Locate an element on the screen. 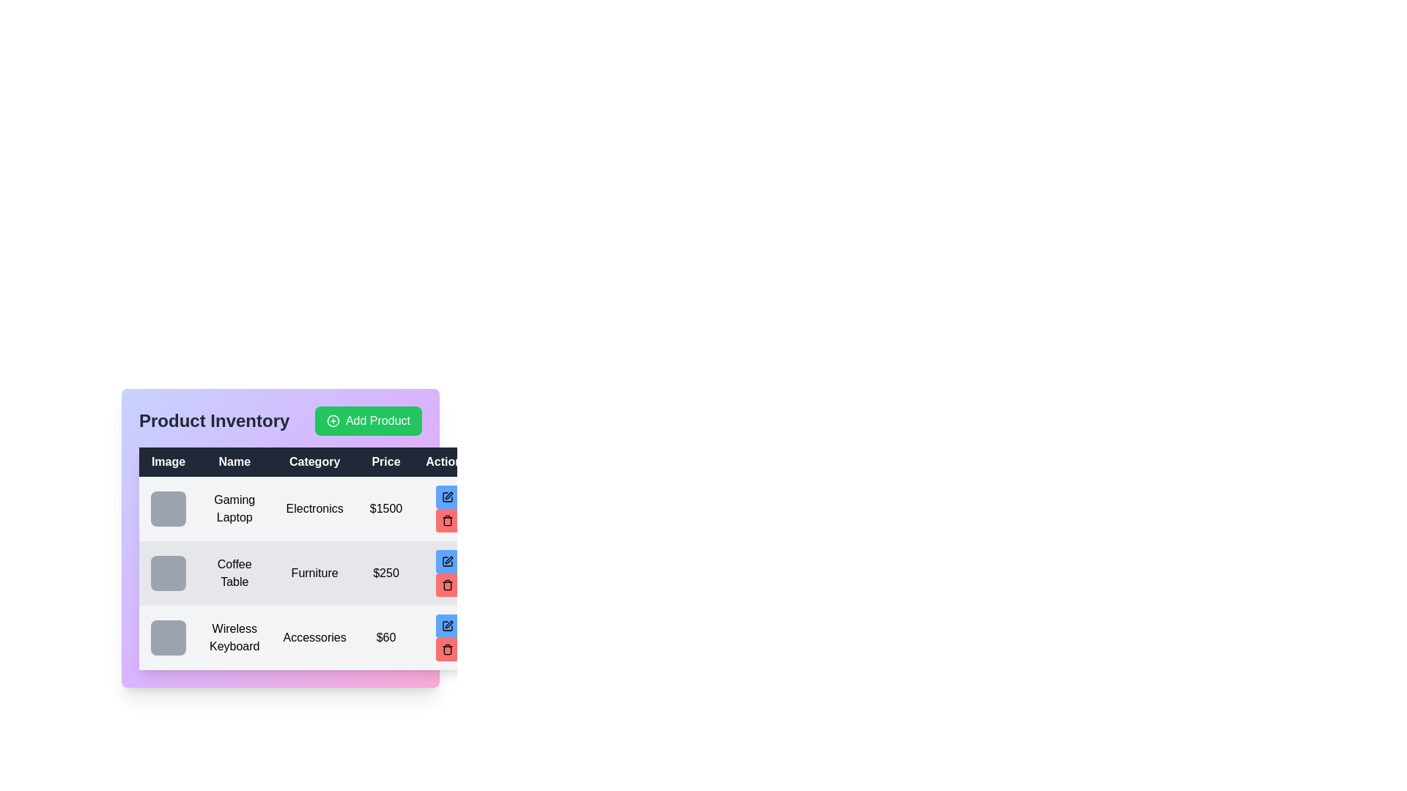  the topmost list item is located at coordinates (309, 508).